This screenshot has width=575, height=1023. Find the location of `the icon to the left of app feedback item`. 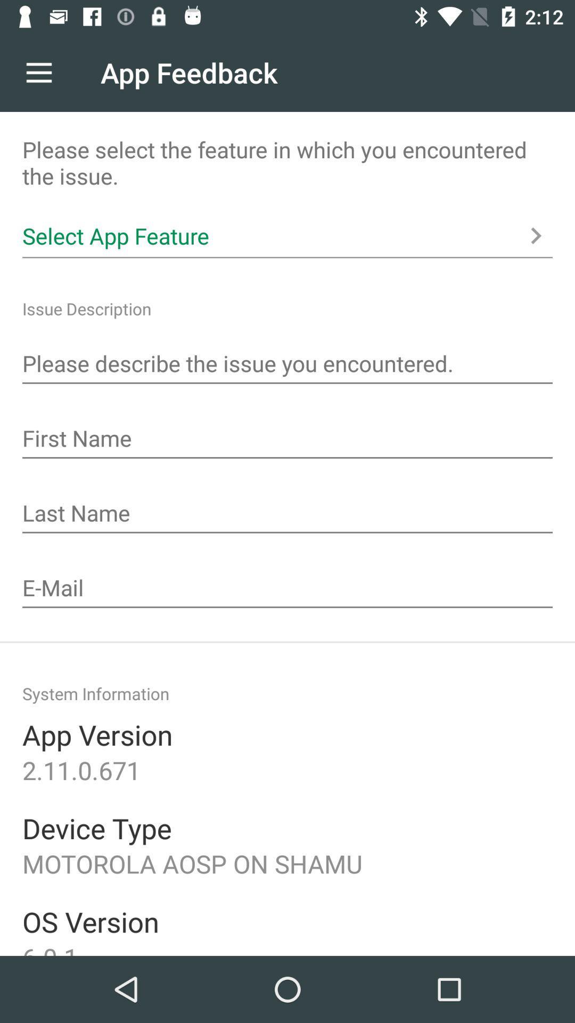

the icon to the left of app feedback item is located at coordinates (38, 72).